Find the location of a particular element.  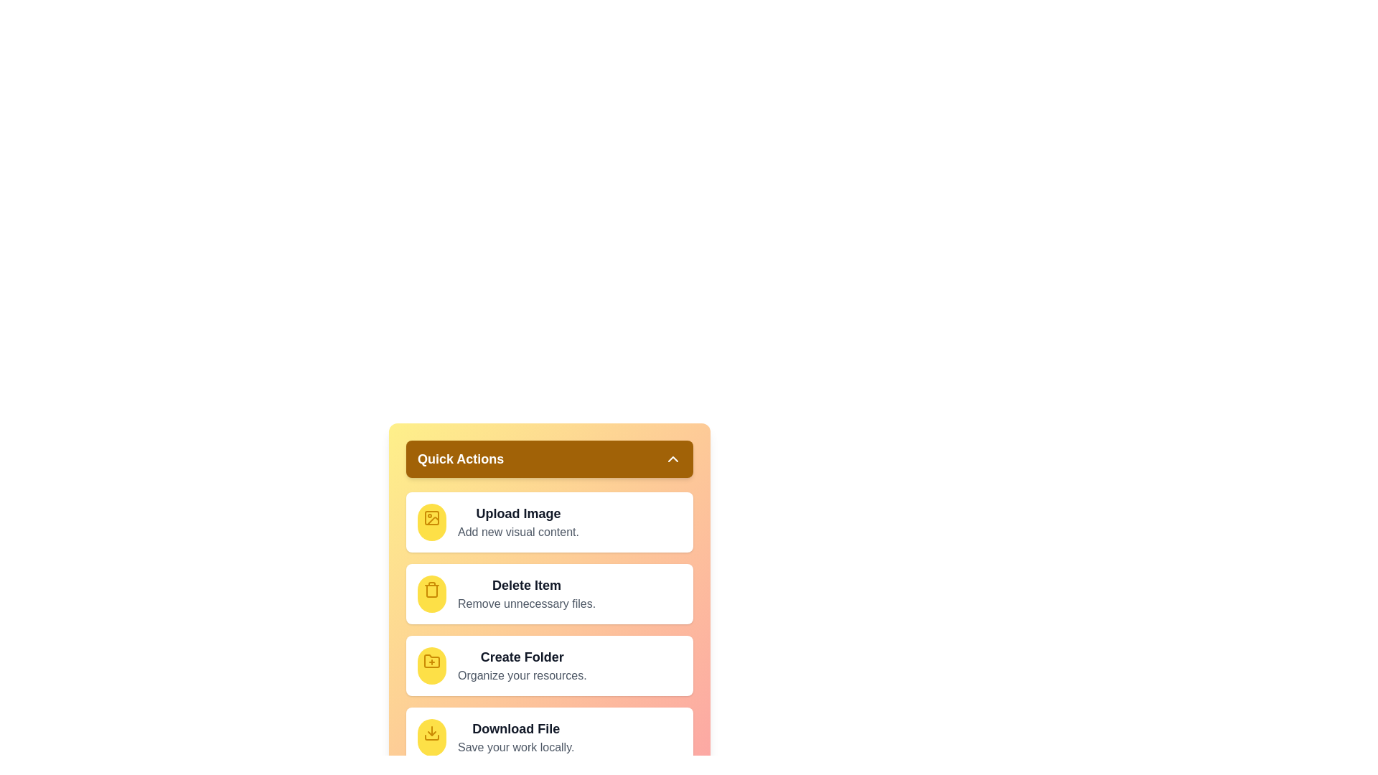

the action Download File to observe its hover effect is located at coordinates (431, 738).